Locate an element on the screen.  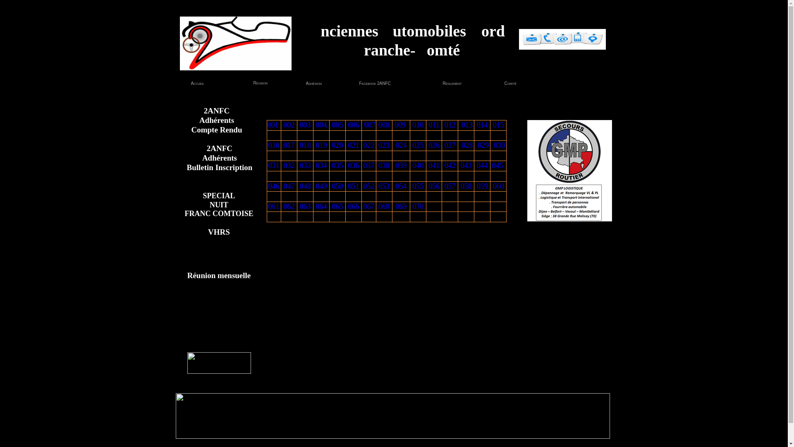
' 013' is located at coordinates (466, 125).